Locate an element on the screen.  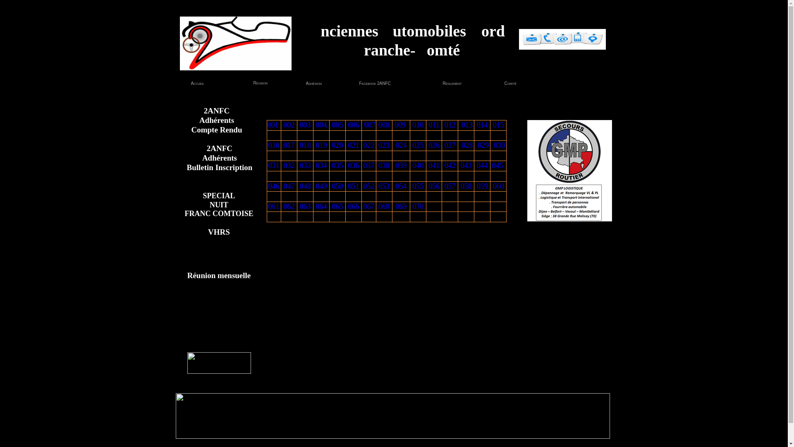
' 013' is located at coordinates (466, 125).